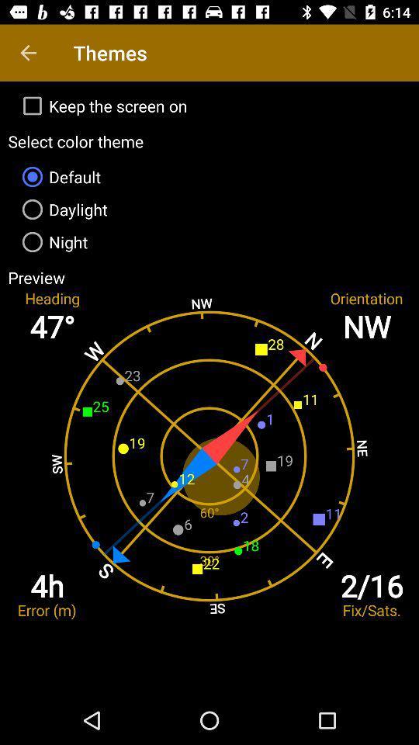 Image resolution: width=419 pixels, height=745 pixels. Describe the element at coordinates (209, 177) in the screenshot. I see `default icon` at that location.